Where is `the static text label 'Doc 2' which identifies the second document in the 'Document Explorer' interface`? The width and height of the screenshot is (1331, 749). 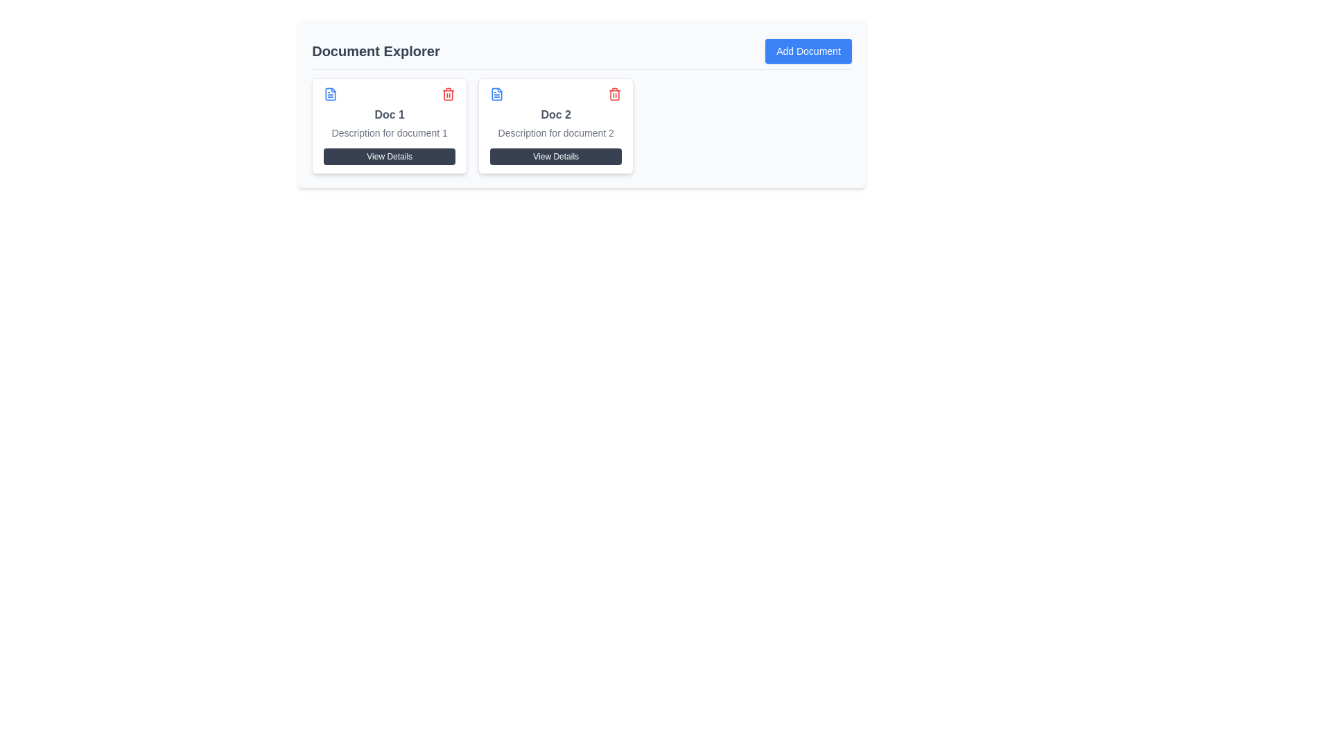
the static text label 'Doc 2' which identifies the second document in the 'Document Explorer' interface is located at coordinates (556, 114).